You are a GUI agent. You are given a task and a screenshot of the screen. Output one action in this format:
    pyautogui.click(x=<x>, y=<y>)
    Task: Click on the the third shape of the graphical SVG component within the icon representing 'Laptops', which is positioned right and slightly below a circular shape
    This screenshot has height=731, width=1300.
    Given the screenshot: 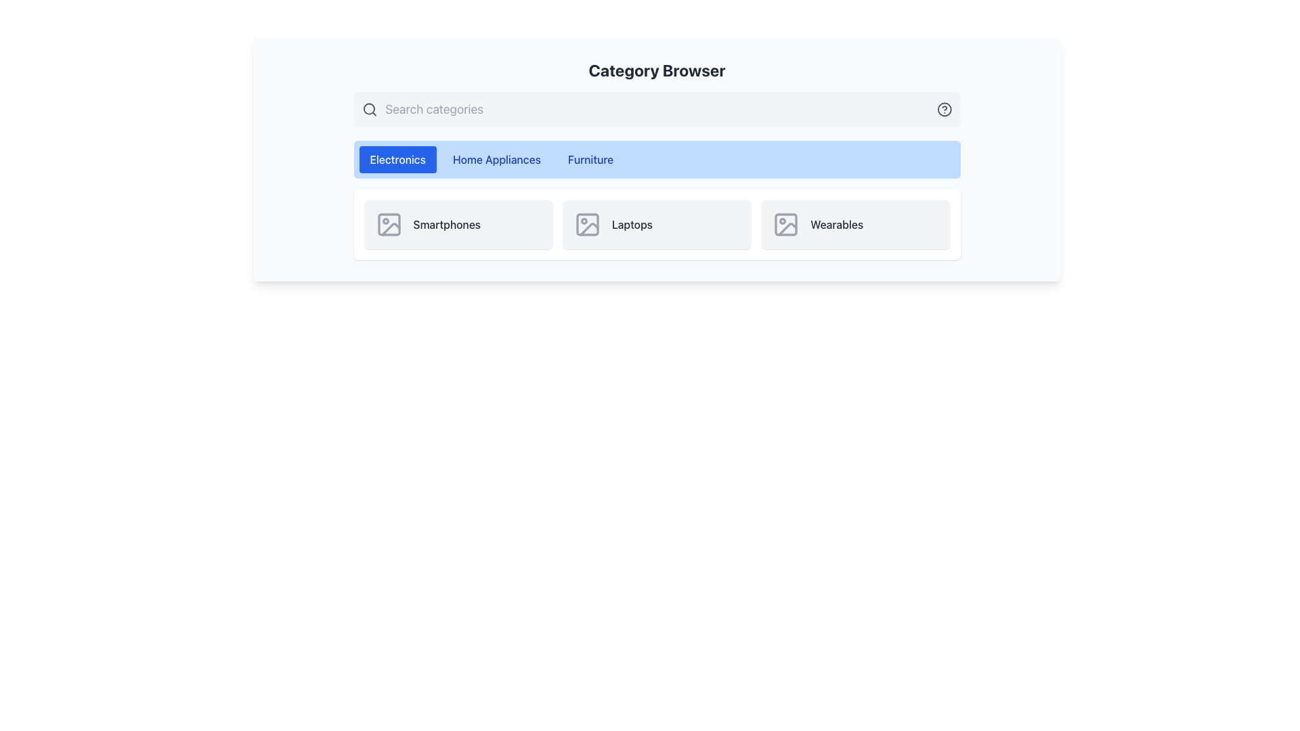 What is the action you would take?
    pyautogui.click(x=589, y=228)
    